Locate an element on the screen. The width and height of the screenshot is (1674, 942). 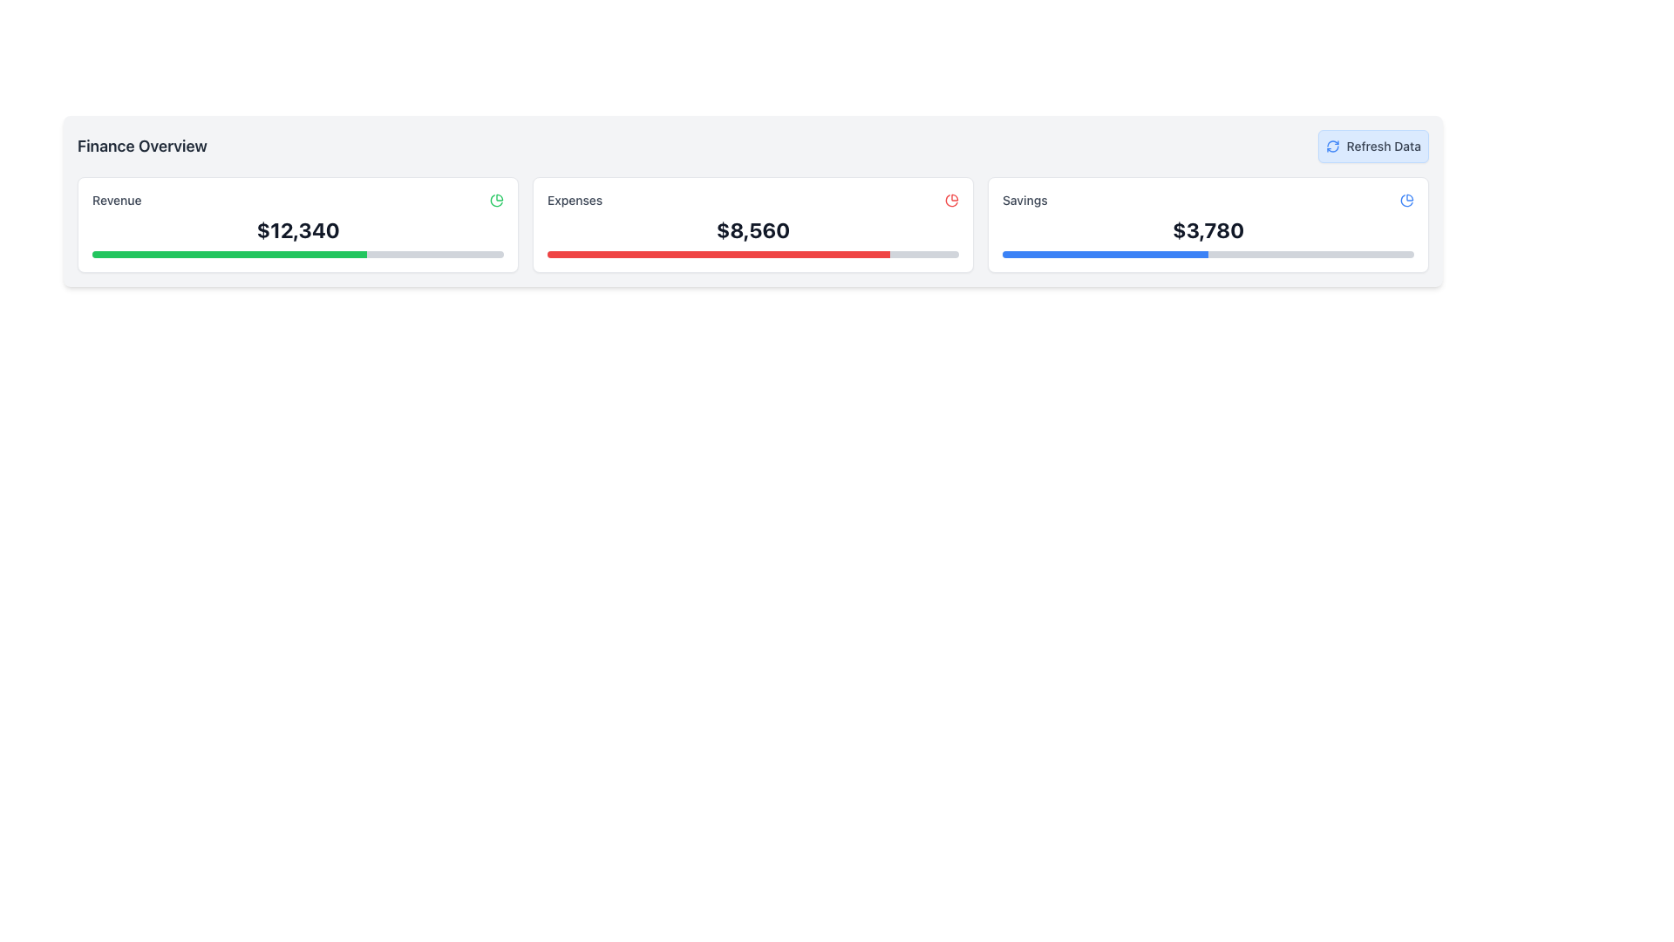
the progress bar located under the '$3,780' text in the 'Savings' section of the 'Finance Overview', which is divided into blue and gray segments is located at coordinates (1208, 255).